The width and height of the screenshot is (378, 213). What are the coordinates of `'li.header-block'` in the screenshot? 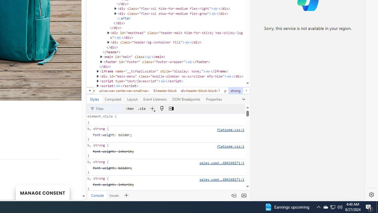 It's located at (165, 91).